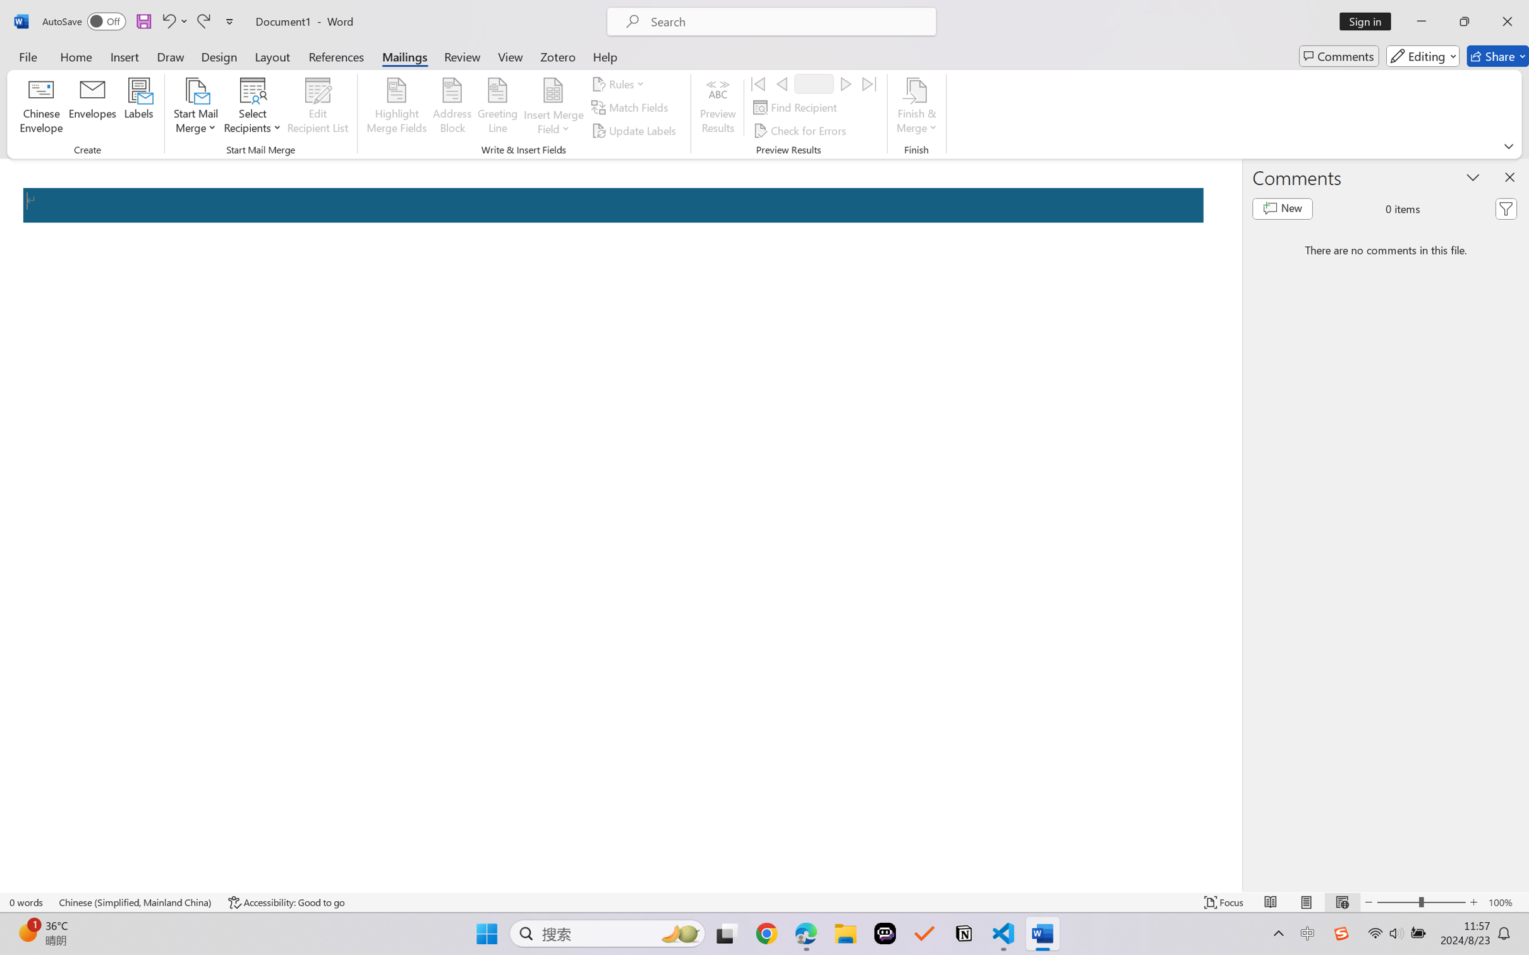 Image resolution: width=1529 pixels, height=955 pixels. I want to click on 'Language Chinese (Simplified, Mainland China)', so click(135, 902).